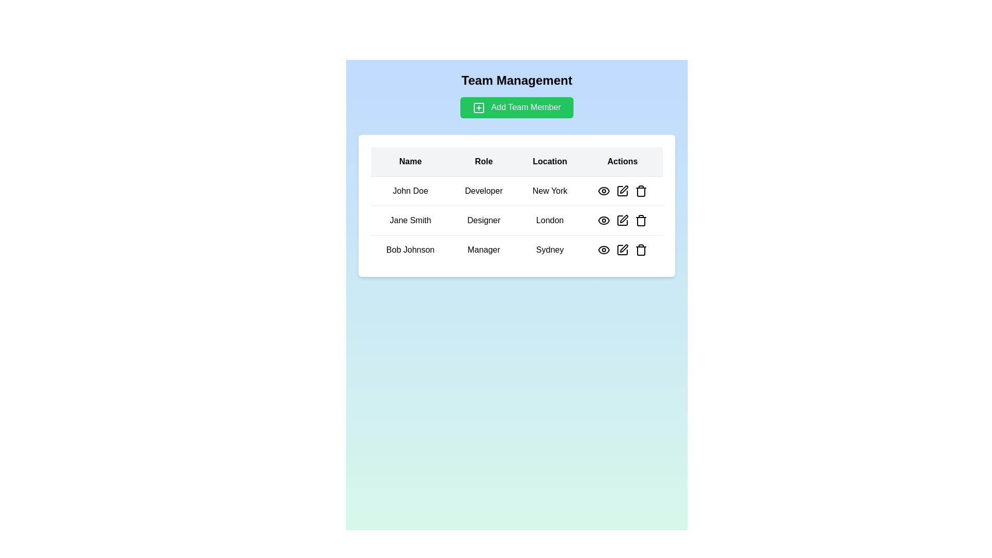 Image resolution: width=992 pixels, height=558 pixels. I want to click on the text label displaying 'London', which is styled in black text on a white background and located in the third column of the second row labeled 'Location', so click(549, 220).